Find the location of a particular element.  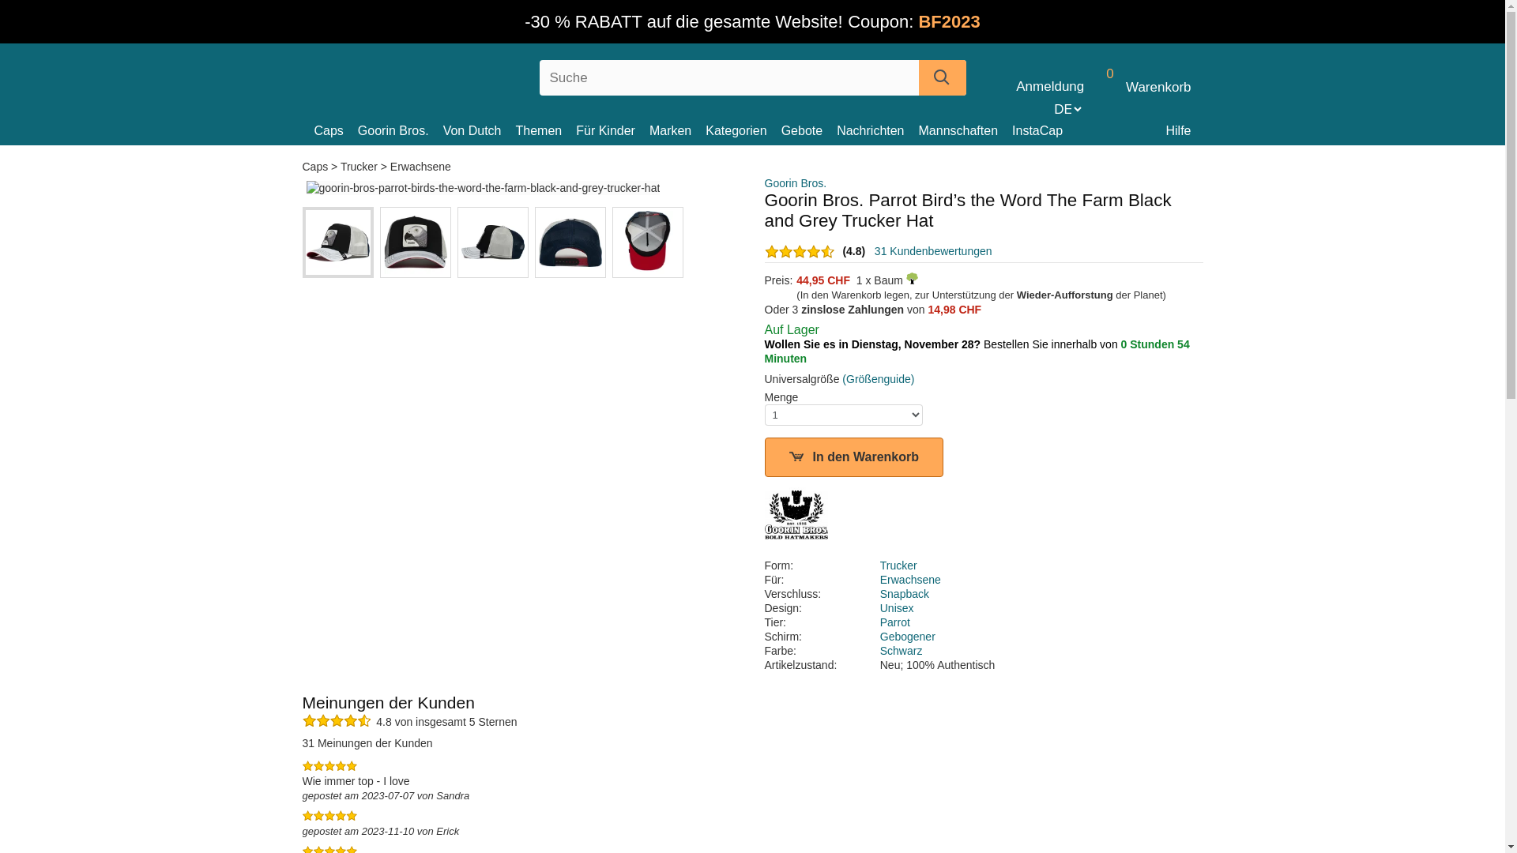

'Von Dutch' is located at coordinates (478, 130).